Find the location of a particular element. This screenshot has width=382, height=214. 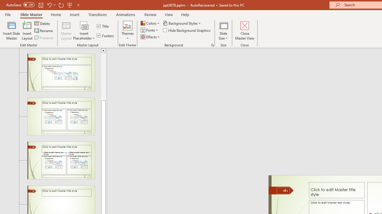

'Insert Slide Master' is located at coordinates (12, 31).